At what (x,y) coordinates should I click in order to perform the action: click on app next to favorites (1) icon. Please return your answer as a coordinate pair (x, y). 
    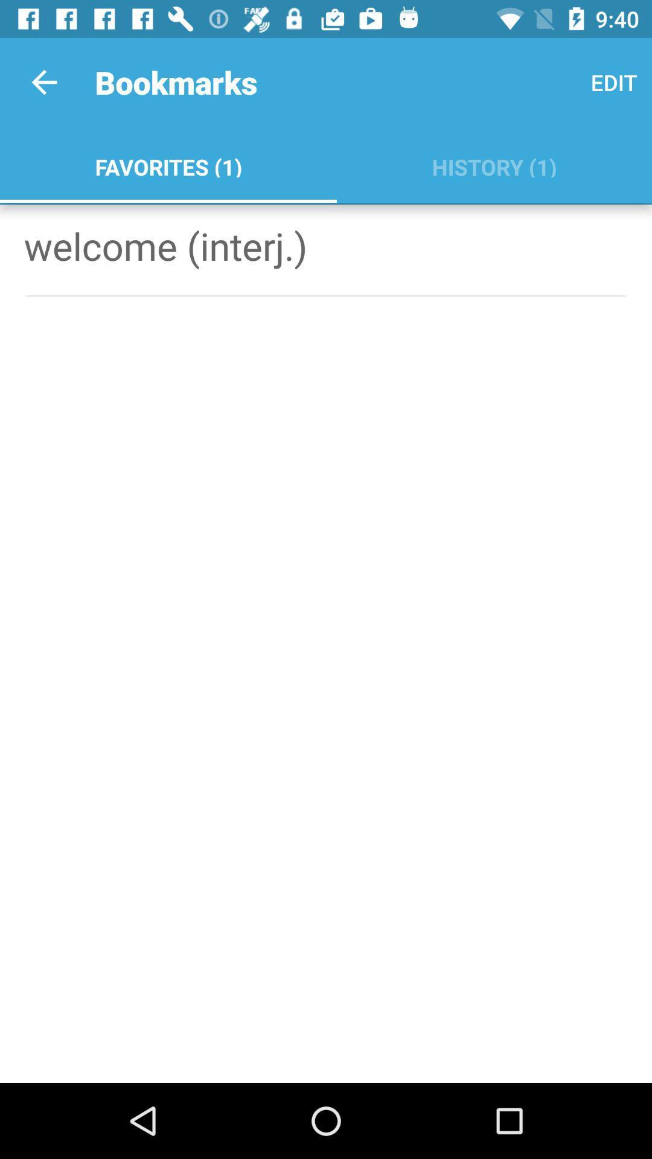
    Looking at the image, I should click on (614, 81).